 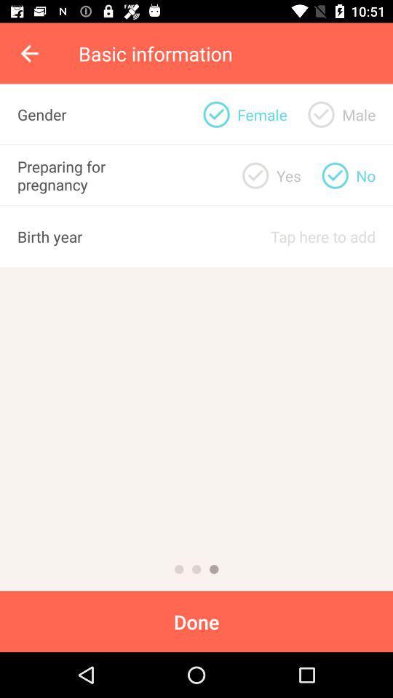 What do you see at coordinates (215, 113) in the screenshot?
I see `the check icon` at bounding box center [215, 113].